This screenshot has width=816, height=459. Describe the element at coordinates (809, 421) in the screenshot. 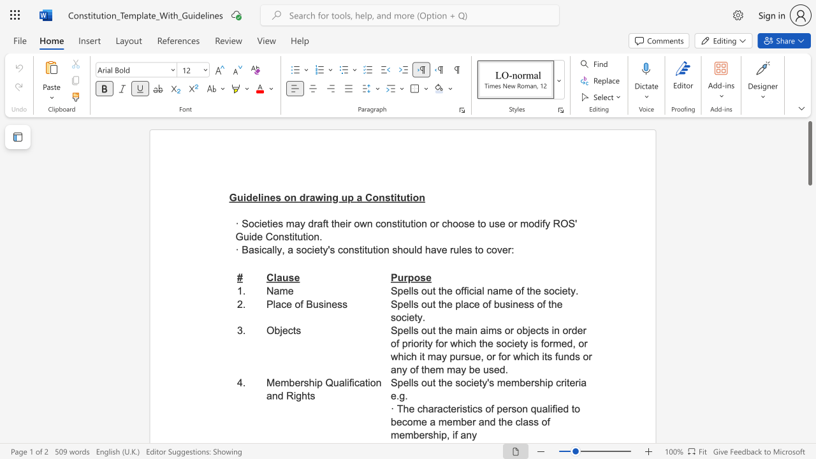

I see `the scrollbar to move the view down` at that location.